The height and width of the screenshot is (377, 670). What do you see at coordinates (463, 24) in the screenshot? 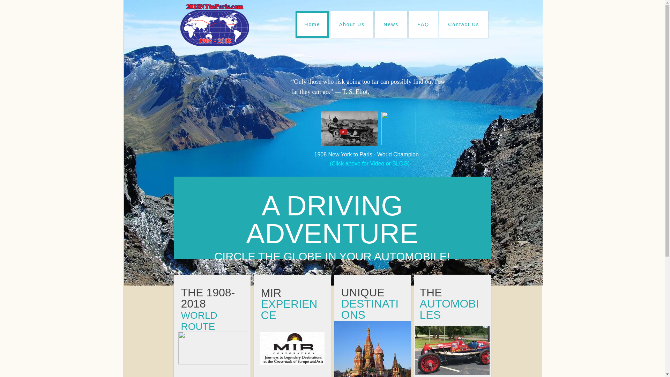
I see `'Contact Us'` at bounding box center [463, 24].